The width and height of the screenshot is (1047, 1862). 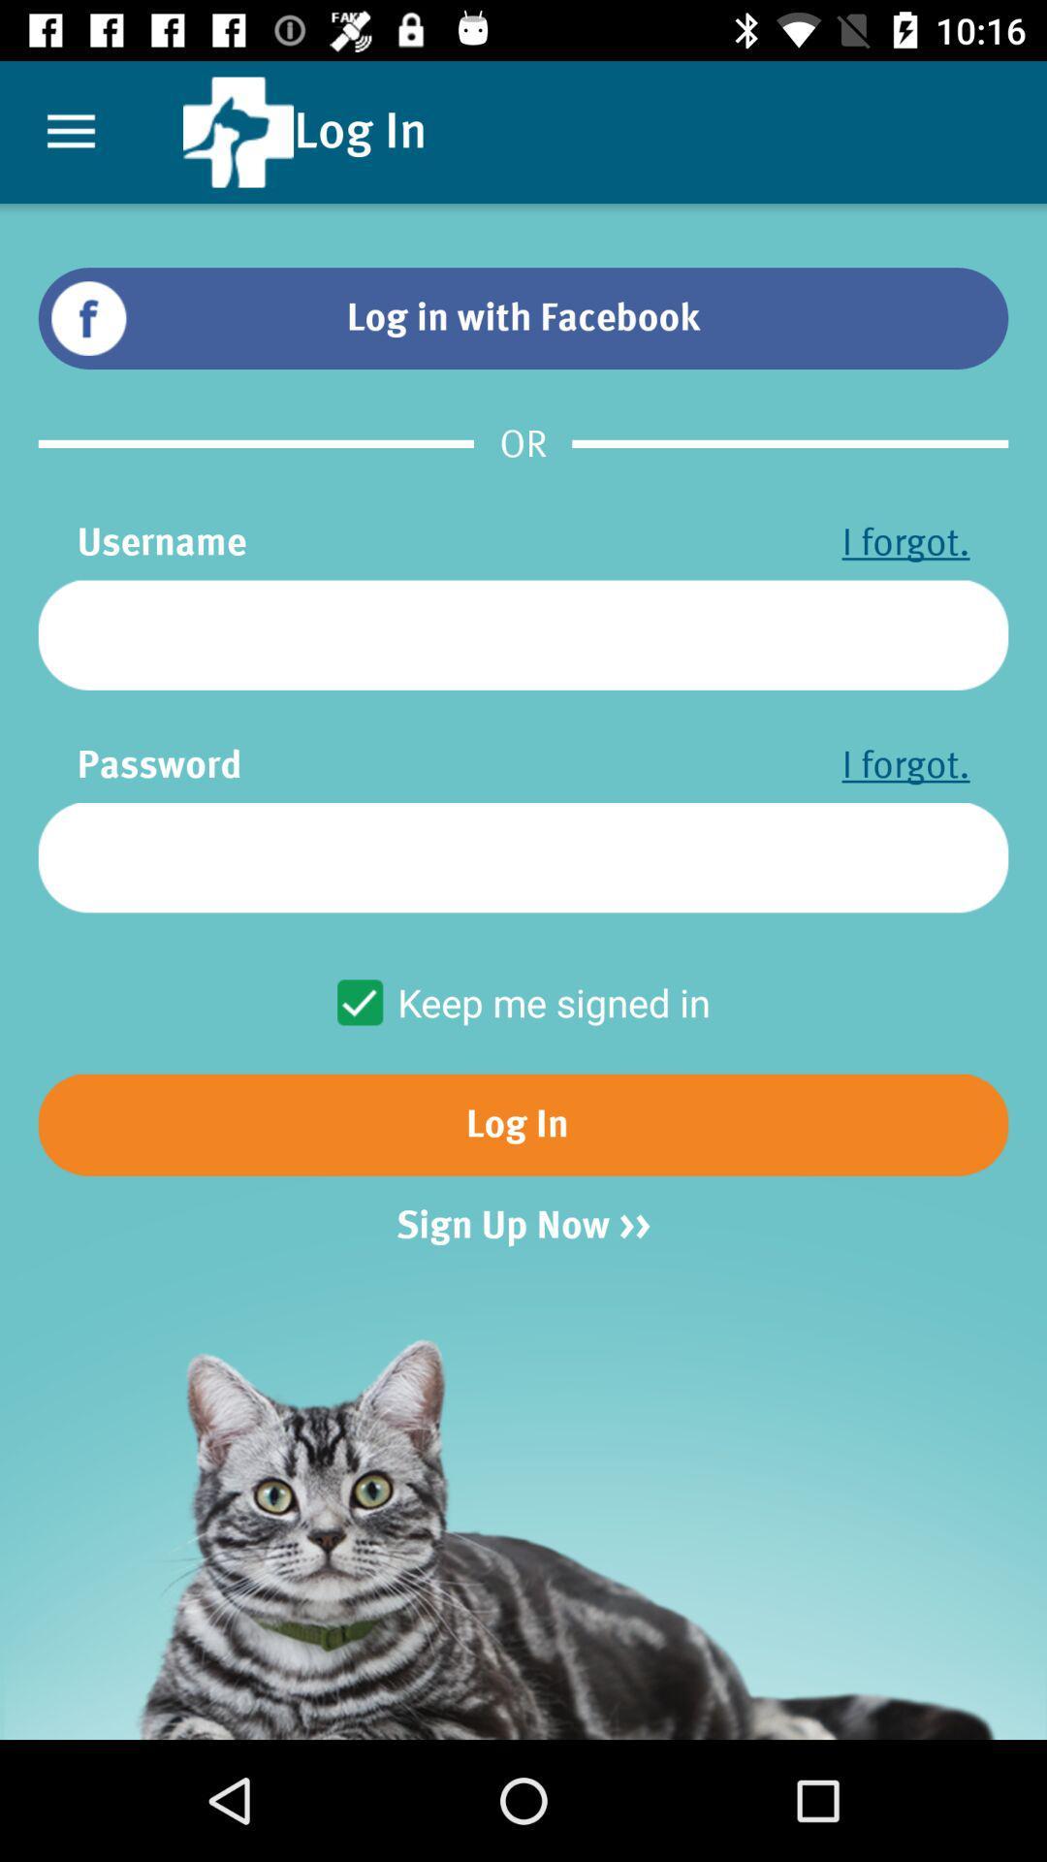 I want to click on icon below the username item, so click(x=523, y=635).